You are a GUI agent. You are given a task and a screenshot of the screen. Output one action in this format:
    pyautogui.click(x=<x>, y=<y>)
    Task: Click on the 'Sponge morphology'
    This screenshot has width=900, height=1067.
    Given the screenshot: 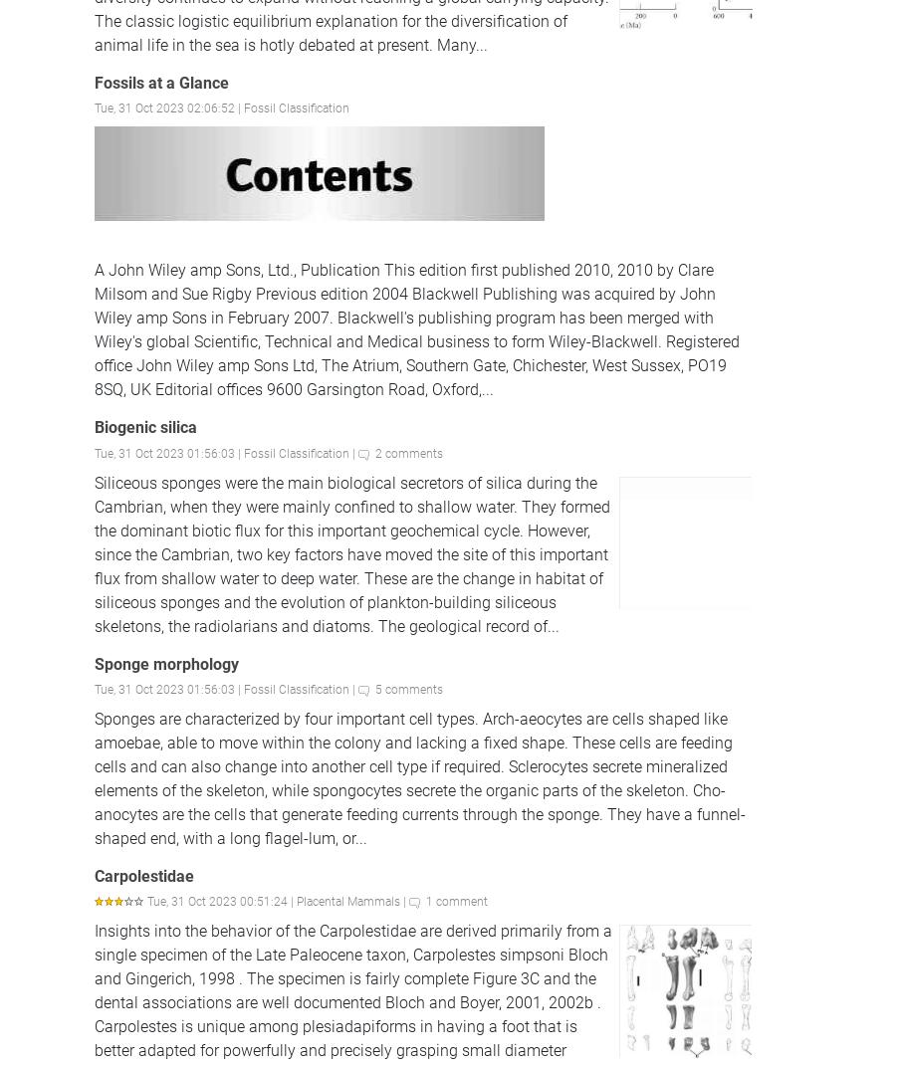 What is the action you would take?
    pyautogui.click(x=165, y=663)
    